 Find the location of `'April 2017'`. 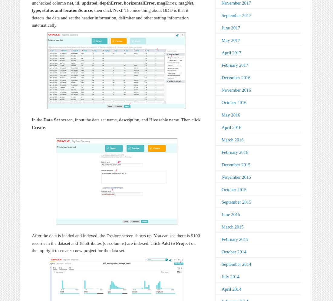

'April 2017' is located at coordinates (231, 52).